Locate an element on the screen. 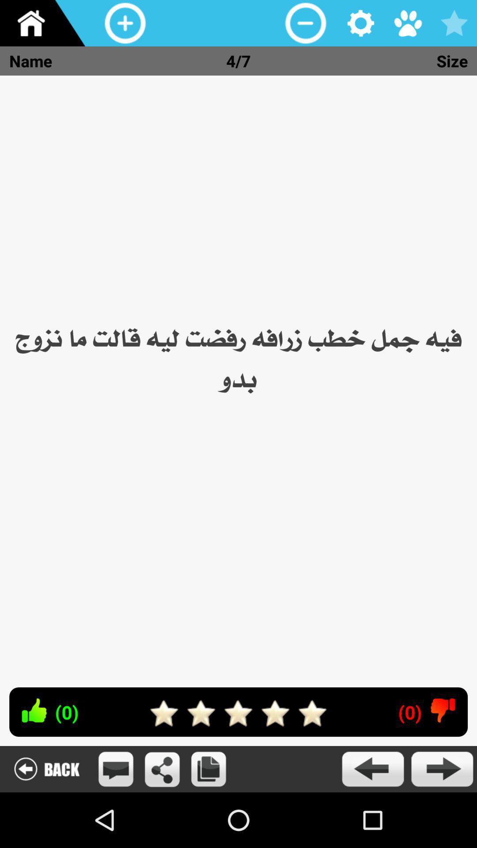 This screenshot has width=477, height=848. comment is located at coordinates (115, 768).